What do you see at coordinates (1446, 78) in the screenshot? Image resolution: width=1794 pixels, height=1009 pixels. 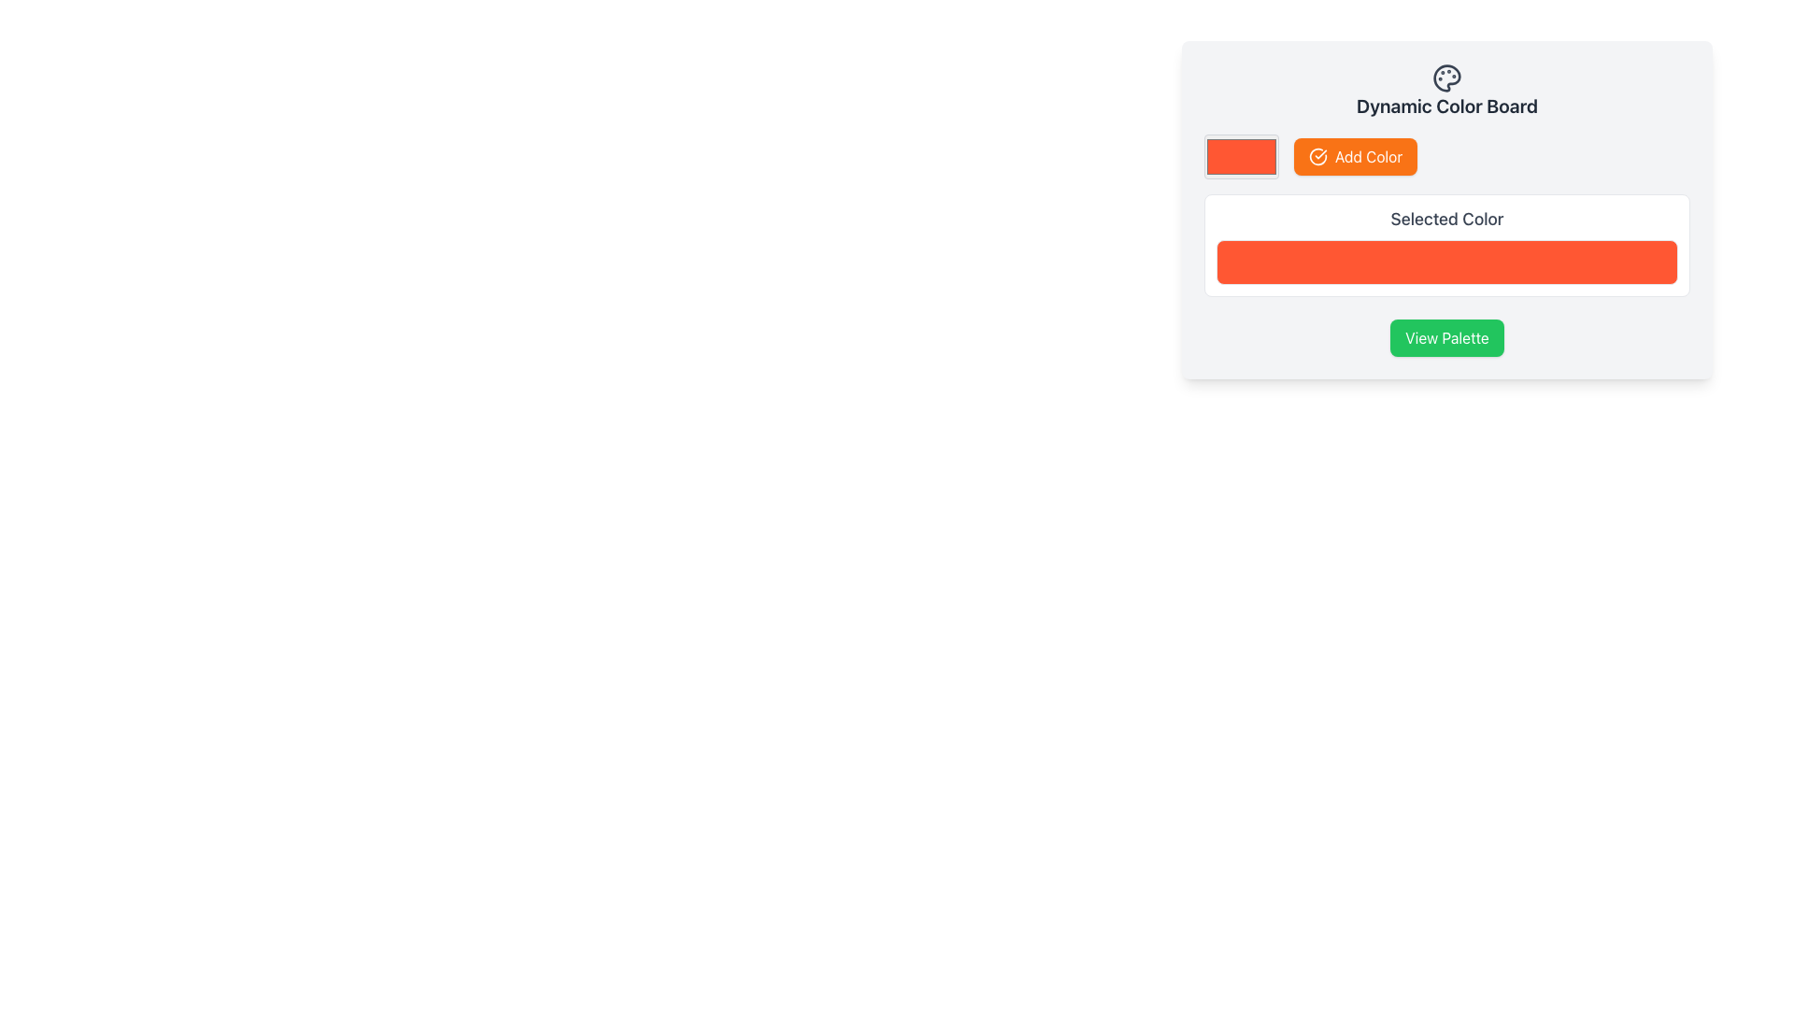 I see `the painter's palette icon located at the top center of the 'Dynamic Color Board' component for potential interaction` at bounding box center [1446, 78].